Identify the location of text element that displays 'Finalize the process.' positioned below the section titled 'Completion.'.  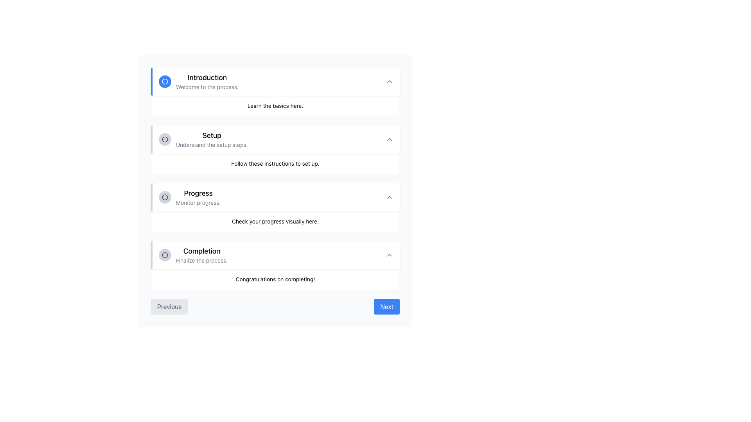
(202, 261).